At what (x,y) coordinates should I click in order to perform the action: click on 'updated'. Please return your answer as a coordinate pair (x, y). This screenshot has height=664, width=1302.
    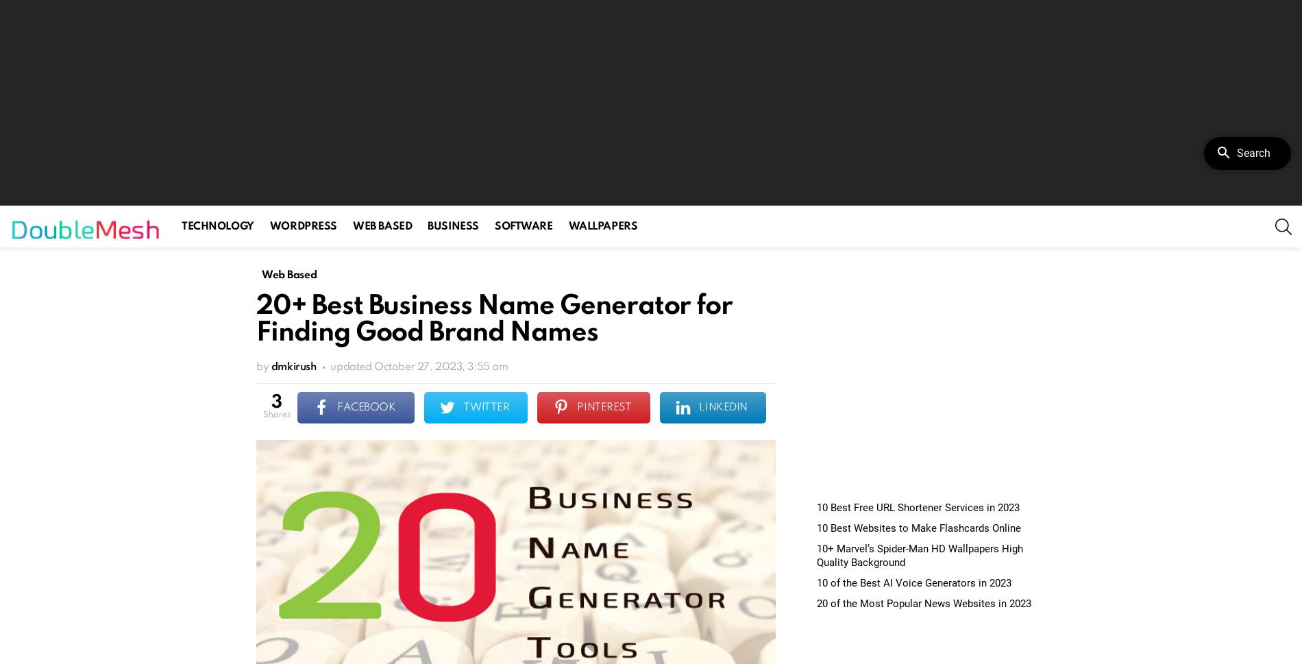
    Looking at the image, I should click on (352, 366).